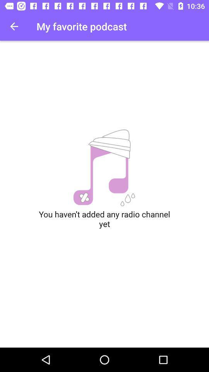 This screenshot has width=209, height=372. Describe the element at coordinates (14, 26) in the screenshot. I see `the icon next to my favorite podcast icon` at that location.